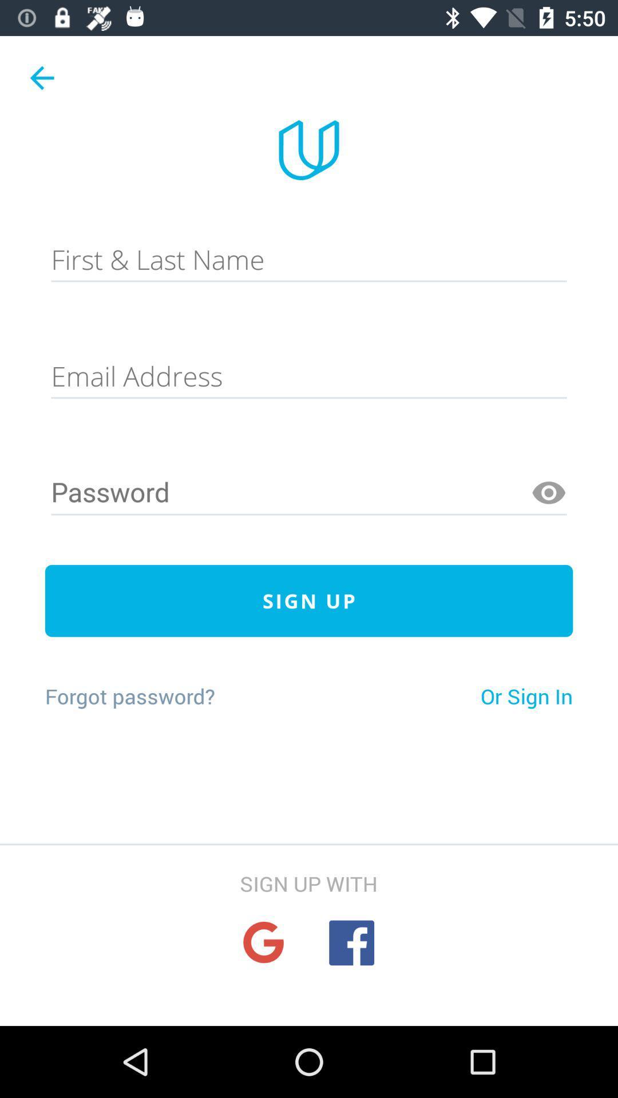 Image resolution: width=618 pixels, height=1098 pixels. What do you see at coordinates (309, 376) in the screenshot?
I see `input here` at bounding box center [309, 376].